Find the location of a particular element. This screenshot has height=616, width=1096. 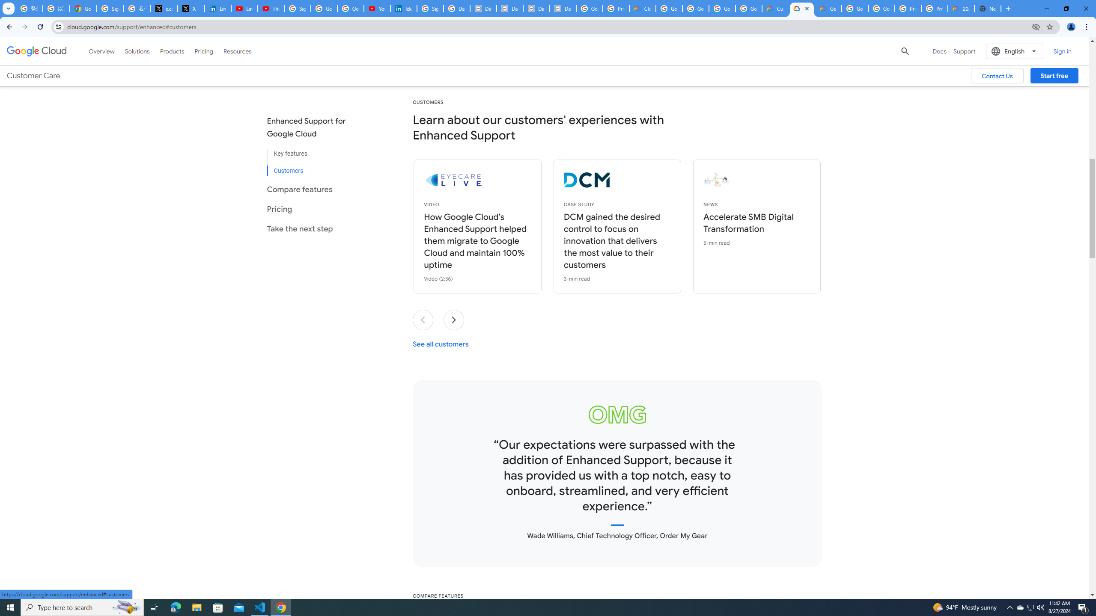

'Products' is located at coordinates (171, 50).